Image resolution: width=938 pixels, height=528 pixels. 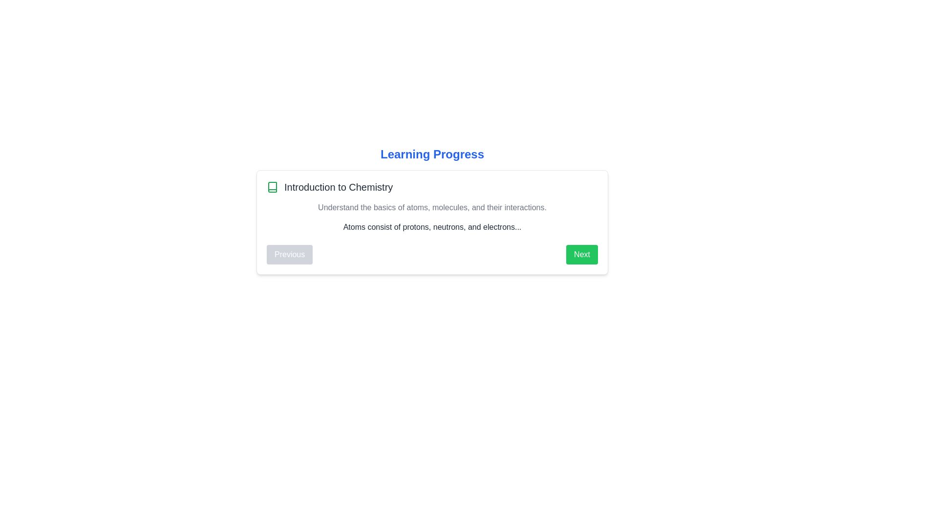 What do you see at coordinates (431, 227) in the screenshot?
I see `text displayed in the Text display that describes the composition of atoms, located below the introductory description and above the navigation buttons` at bounding box center [431, 227].